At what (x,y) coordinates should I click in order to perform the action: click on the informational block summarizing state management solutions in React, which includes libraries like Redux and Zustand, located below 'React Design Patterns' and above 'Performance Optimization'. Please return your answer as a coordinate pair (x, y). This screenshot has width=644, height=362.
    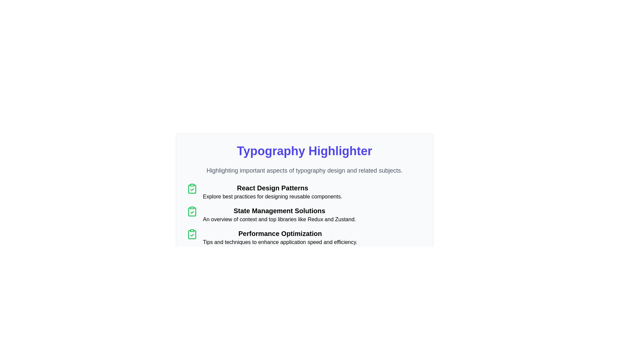
    Looking at the image, I should click on (304, 215).